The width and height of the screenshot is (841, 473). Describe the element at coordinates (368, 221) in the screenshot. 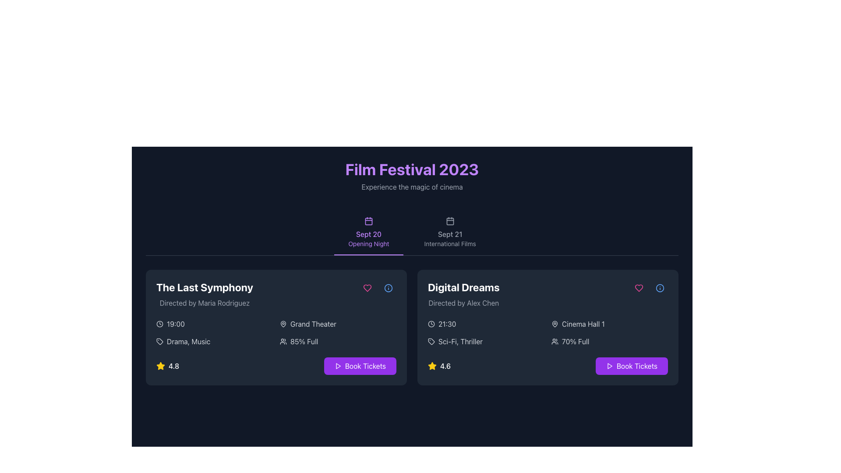

I see `the vector graphic component of the calendar icon located in the middle of the three icons beneath the 'Film Festival 2023' title` at that location.